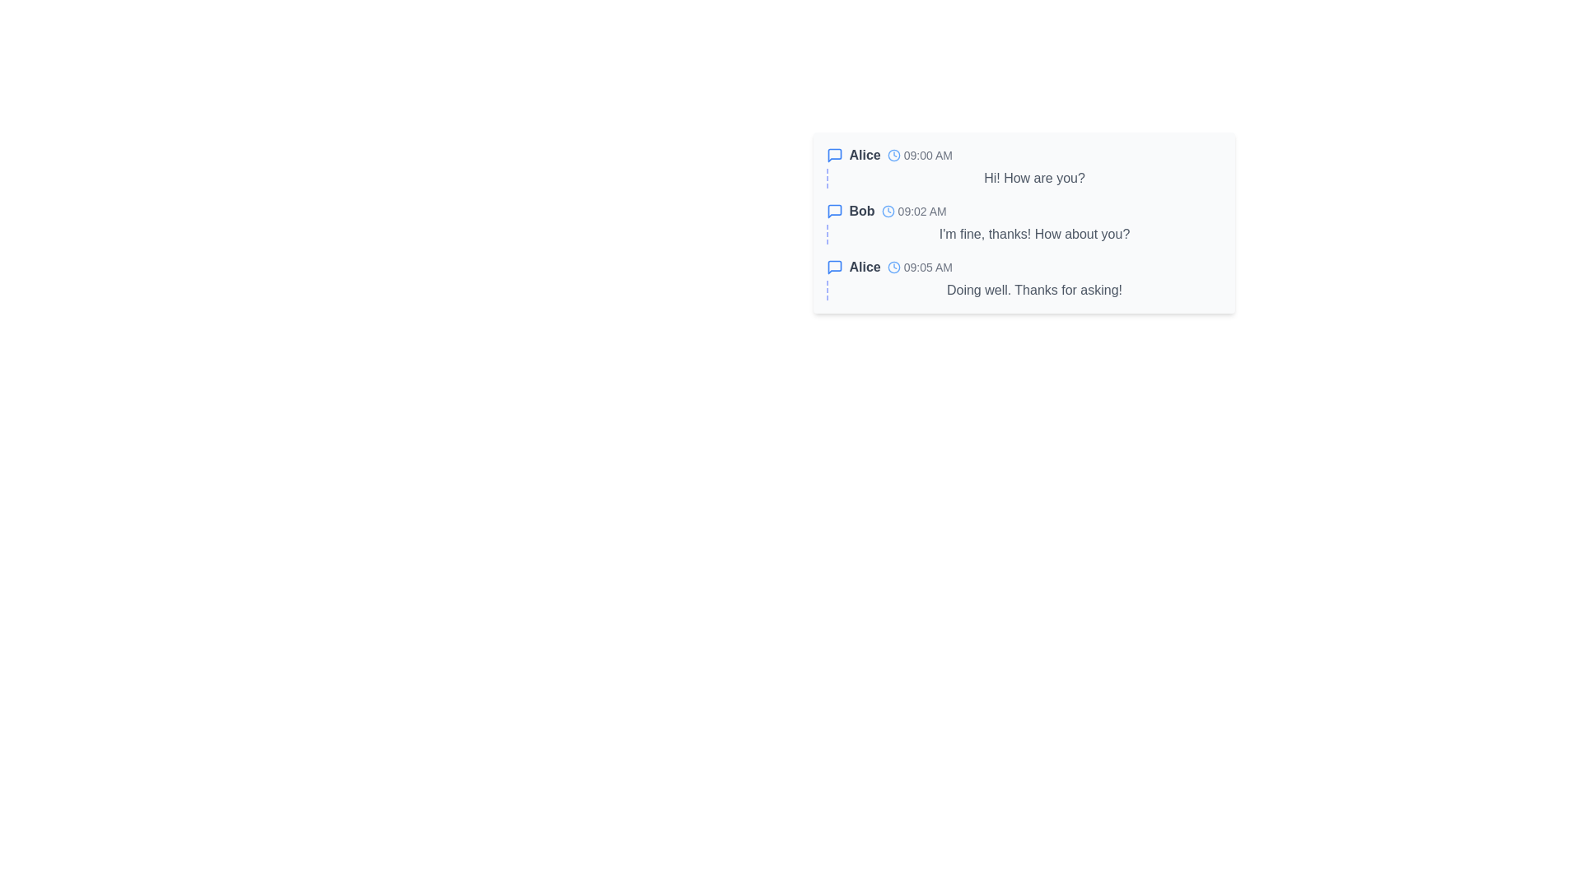 The image size is (1581, 889). I want to click on the third chat message entry from the vertically stacked list, which includes the sender's name, time, and message content, to interact with it, so click(1023, 278).